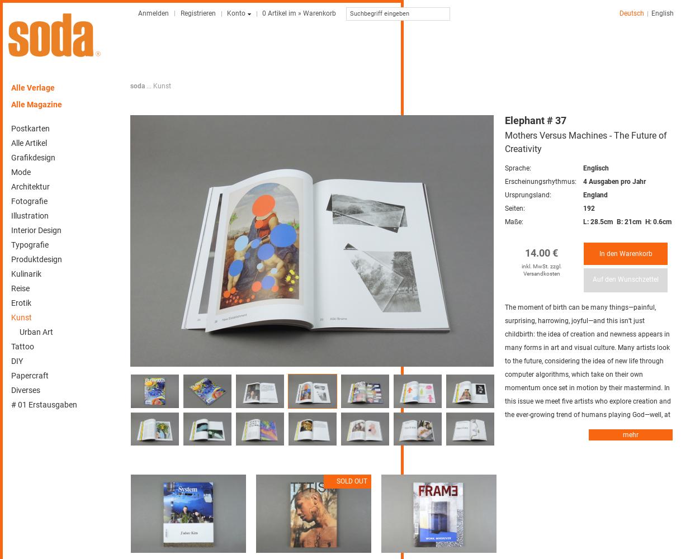 The width and height of the screenshot is (695, 559). What do you see at coordinates (661, 13) in the screenshot?
I see `'English'` at bounding box center [661, 13].